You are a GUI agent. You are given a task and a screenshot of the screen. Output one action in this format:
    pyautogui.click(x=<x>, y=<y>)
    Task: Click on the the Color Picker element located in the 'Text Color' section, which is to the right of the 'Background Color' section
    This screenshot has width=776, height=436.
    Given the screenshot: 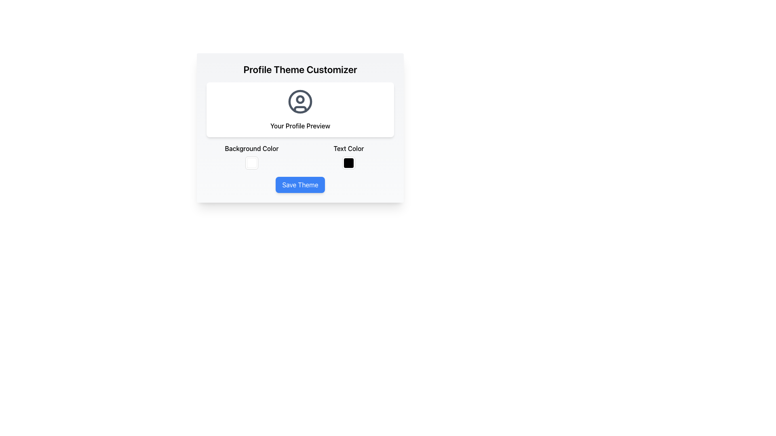 What is the action you would take?
    pyautogui.click(x=349, y=163)
    